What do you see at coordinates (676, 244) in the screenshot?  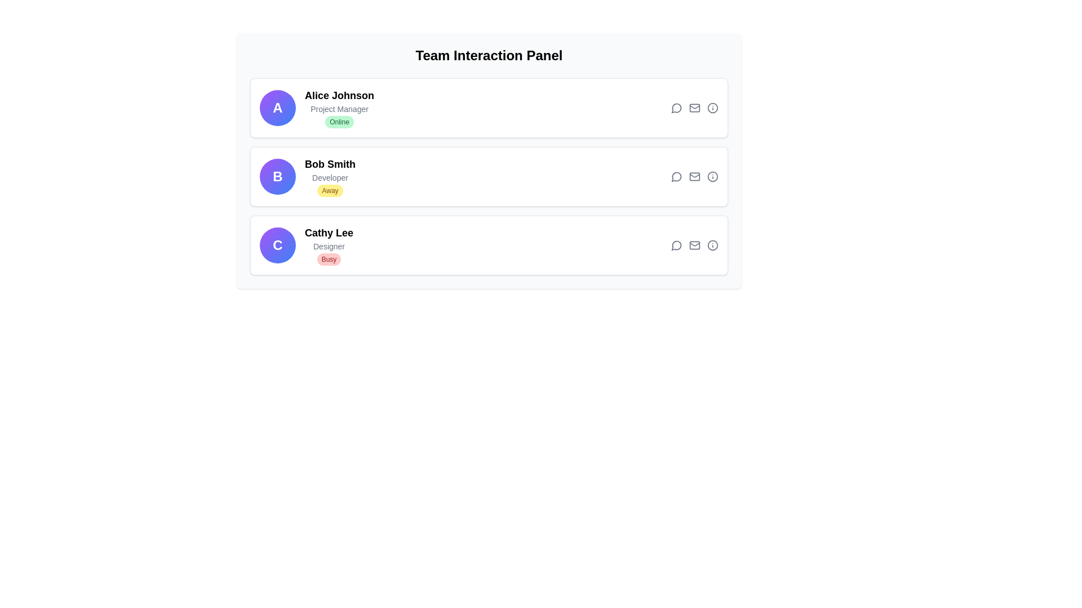 I see `the small circular speech bubble icon indicating the chat feature located in the third user card labeled 'Cathy Lee'` at bounding box center [676, 244].